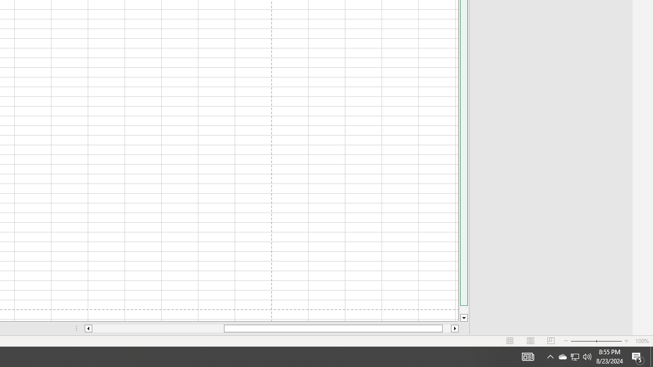 Image resolution: width=653 pixels, height=367 pixels. Describe the element at coordinates (510, 341) in the screenshot. I see `'Normal'` at that location.